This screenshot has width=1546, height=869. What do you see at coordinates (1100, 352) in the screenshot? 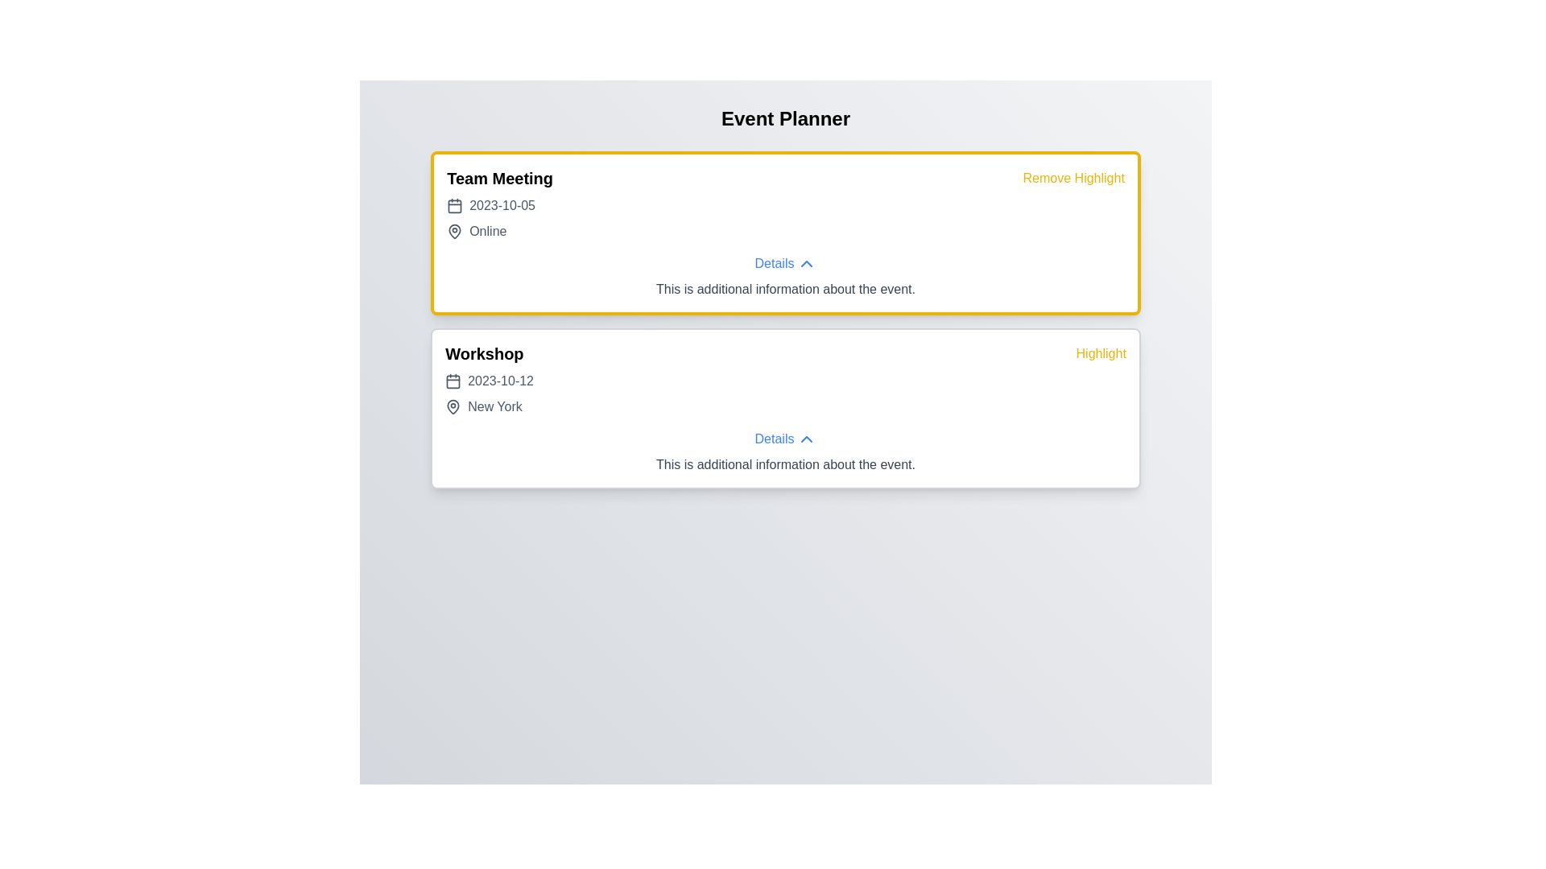
I see `the 'Highlight' interactive text link associated with the 'Workshop' event` at bounding box center [1100, 352].